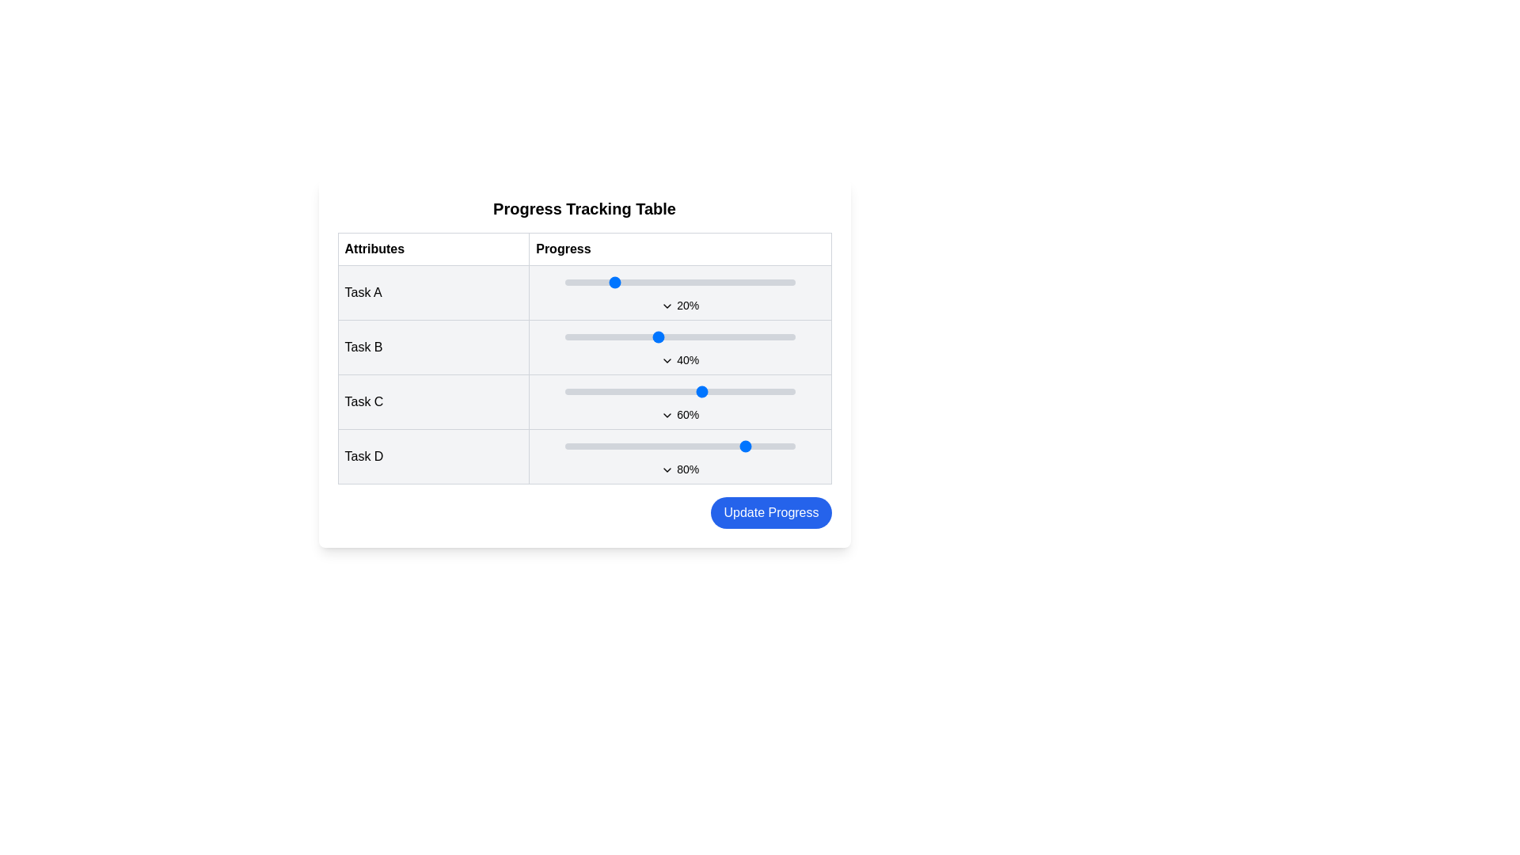 This screenshot has width=1520, height=855. I want to click on the Dropdown icon located in the Progress column next to the text '80%', so click(667, 469).